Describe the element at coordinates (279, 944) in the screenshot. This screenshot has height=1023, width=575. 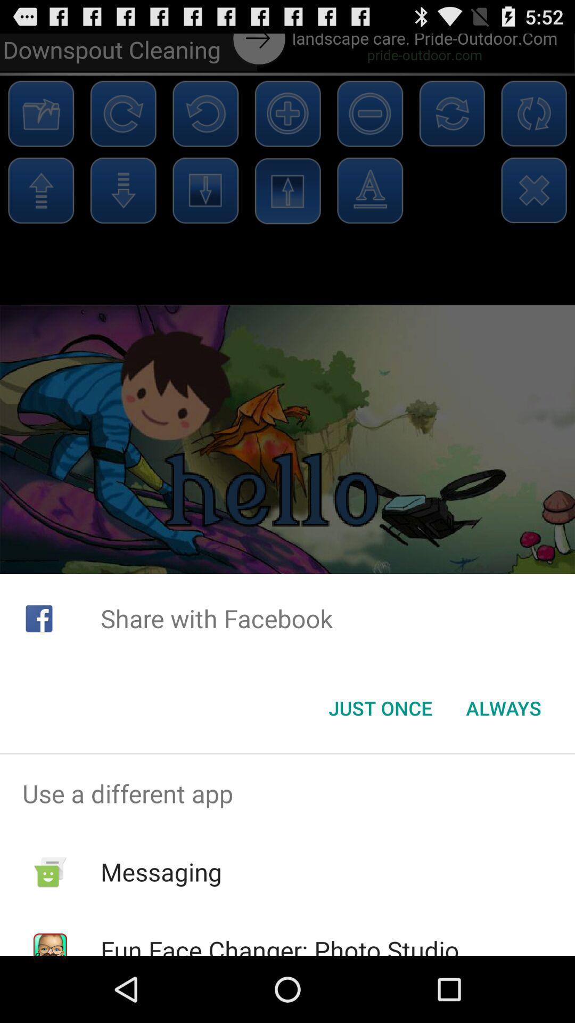
I see `the item below the messaging item` at that location.